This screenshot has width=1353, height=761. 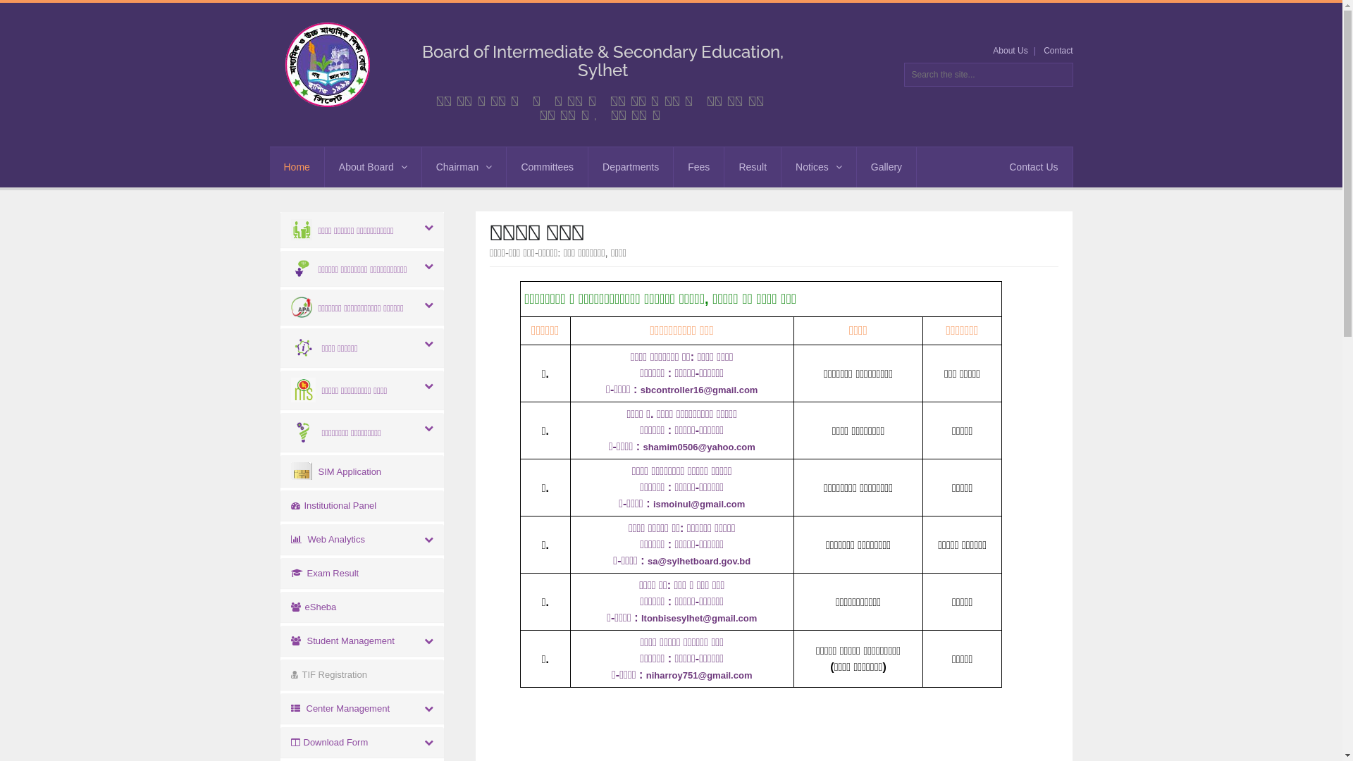 I want to click on 'About Board', so click(x=373, y=166).